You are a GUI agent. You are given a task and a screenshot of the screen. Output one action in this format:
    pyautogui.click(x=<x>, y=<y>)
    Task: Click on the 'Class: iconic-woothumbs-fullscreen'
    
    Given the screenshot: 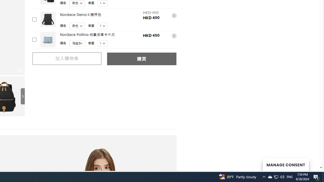 What is the action you would take?
    pyautogui.click(x=19, y=70)
    